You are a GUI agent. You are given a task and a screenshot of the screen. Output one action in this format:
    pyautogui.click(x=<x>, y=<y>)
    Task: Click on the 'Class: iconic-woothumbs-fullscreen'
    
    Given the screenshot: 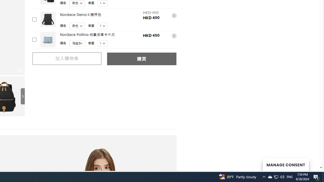 What is the action you would take?
    pyautogui.click(x=19, y=70)
    